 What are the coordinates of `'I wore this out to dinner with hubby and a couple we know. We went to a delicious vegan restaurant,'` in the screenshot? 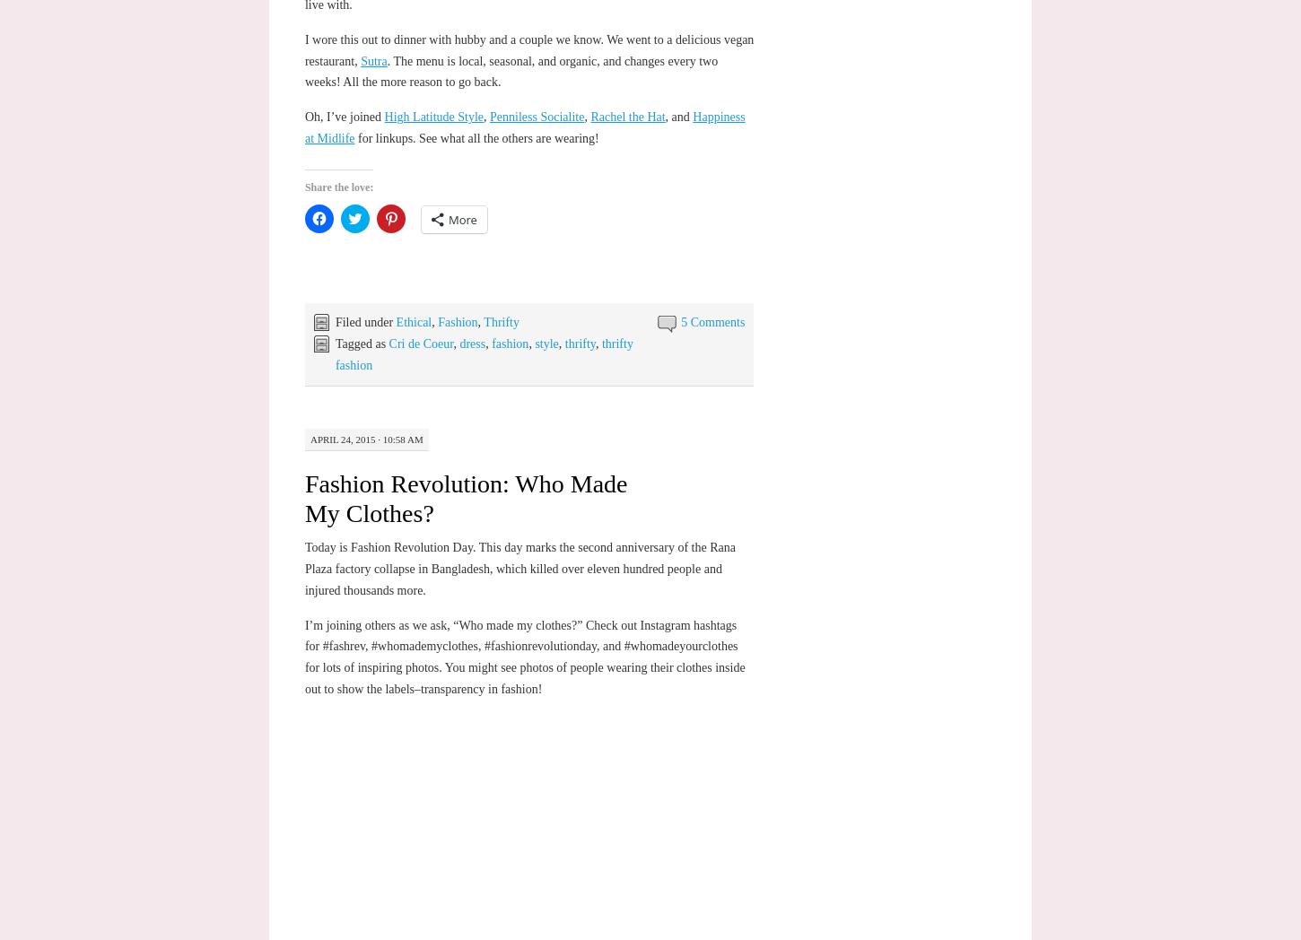 It's located at (528, 49).